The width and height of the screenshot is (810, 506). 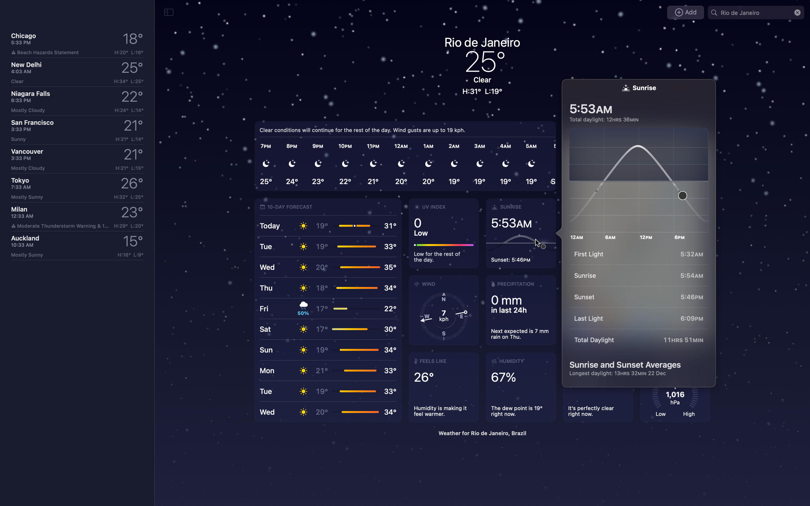 What do you see at coordinates (443, 234) in the screenshot?
I see `Give a detailed description of the UV index in Rio de Janeiro` at bounding box center [443, 234].